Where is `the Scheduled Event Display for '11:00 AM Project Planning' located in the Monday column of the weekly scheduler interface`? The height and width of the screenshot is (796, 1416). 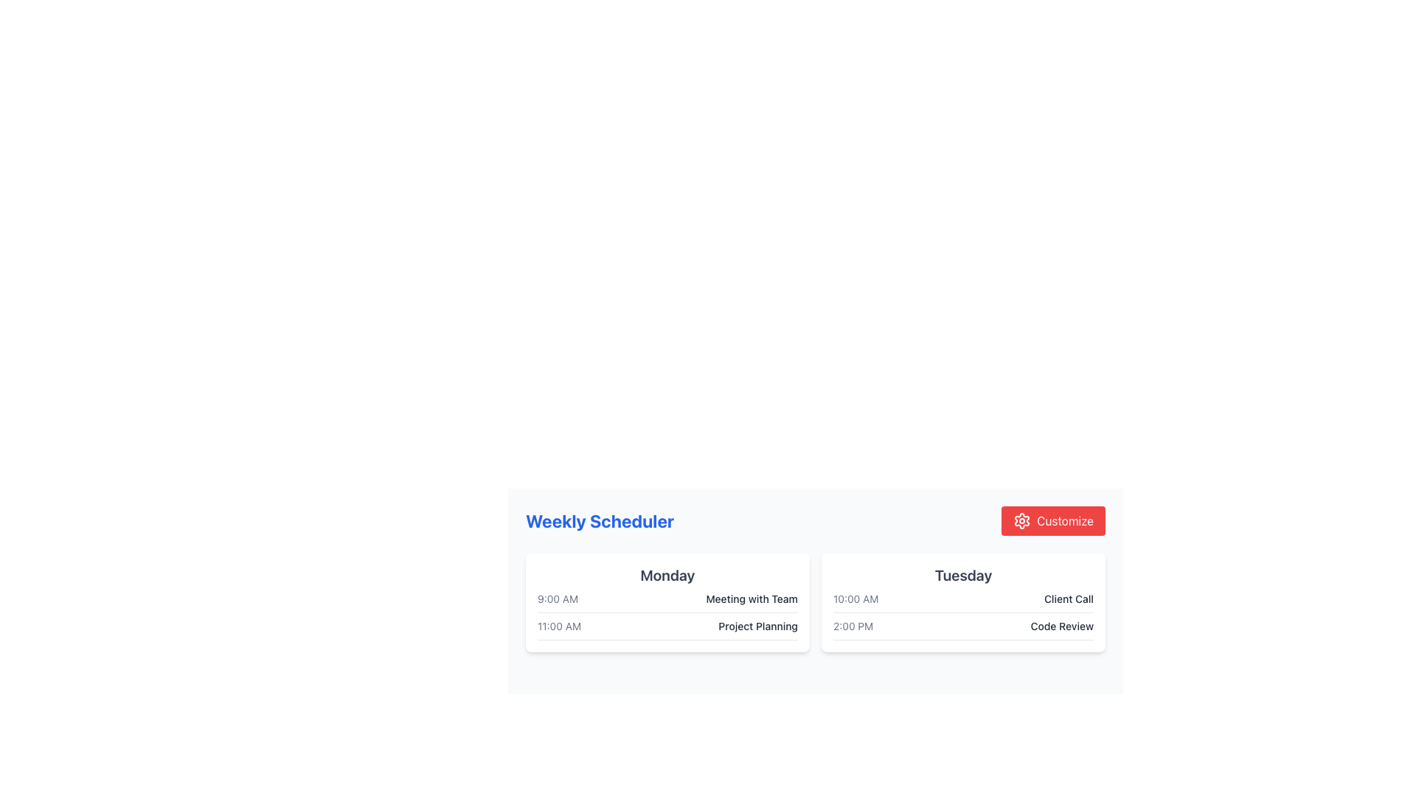
the Scheduled Event Display for '11:00 AM Project Planning' located in the Monday column of the weekly scheduler interface is located at coordinates (667, 626).